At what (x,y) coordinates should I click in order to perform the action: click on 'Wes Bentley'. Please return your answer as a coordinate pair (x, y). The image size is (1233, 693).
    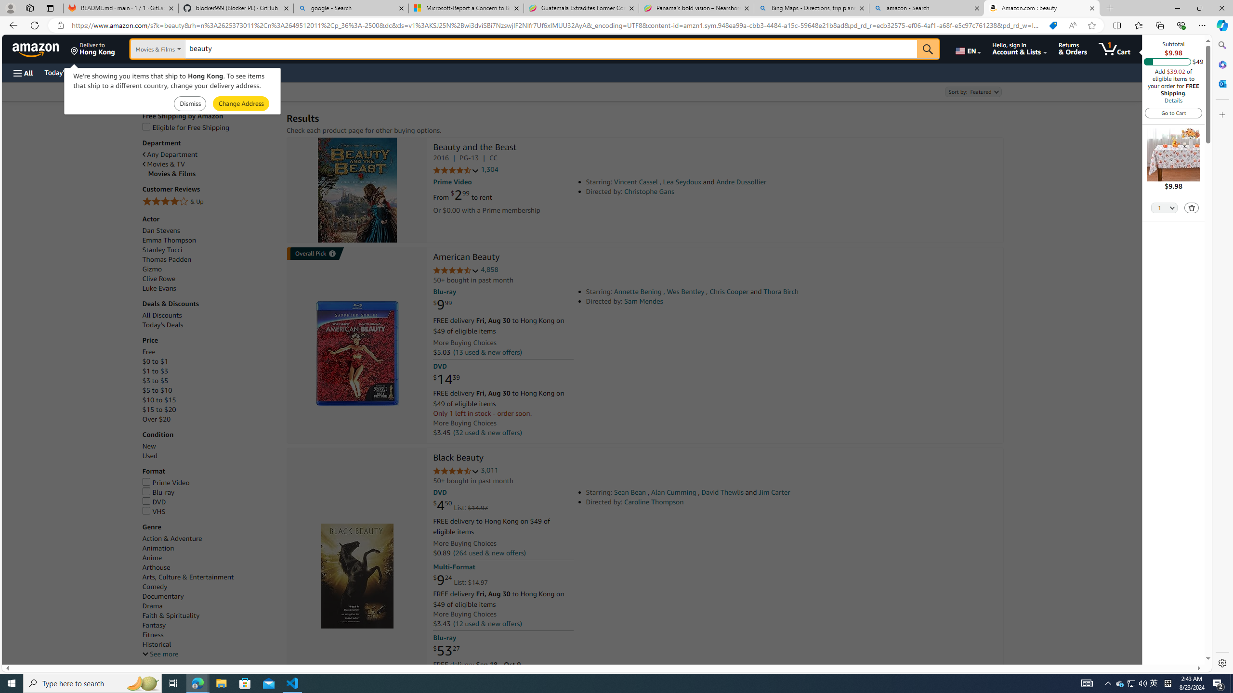
    Looking at the image, I should click on (685, 291).